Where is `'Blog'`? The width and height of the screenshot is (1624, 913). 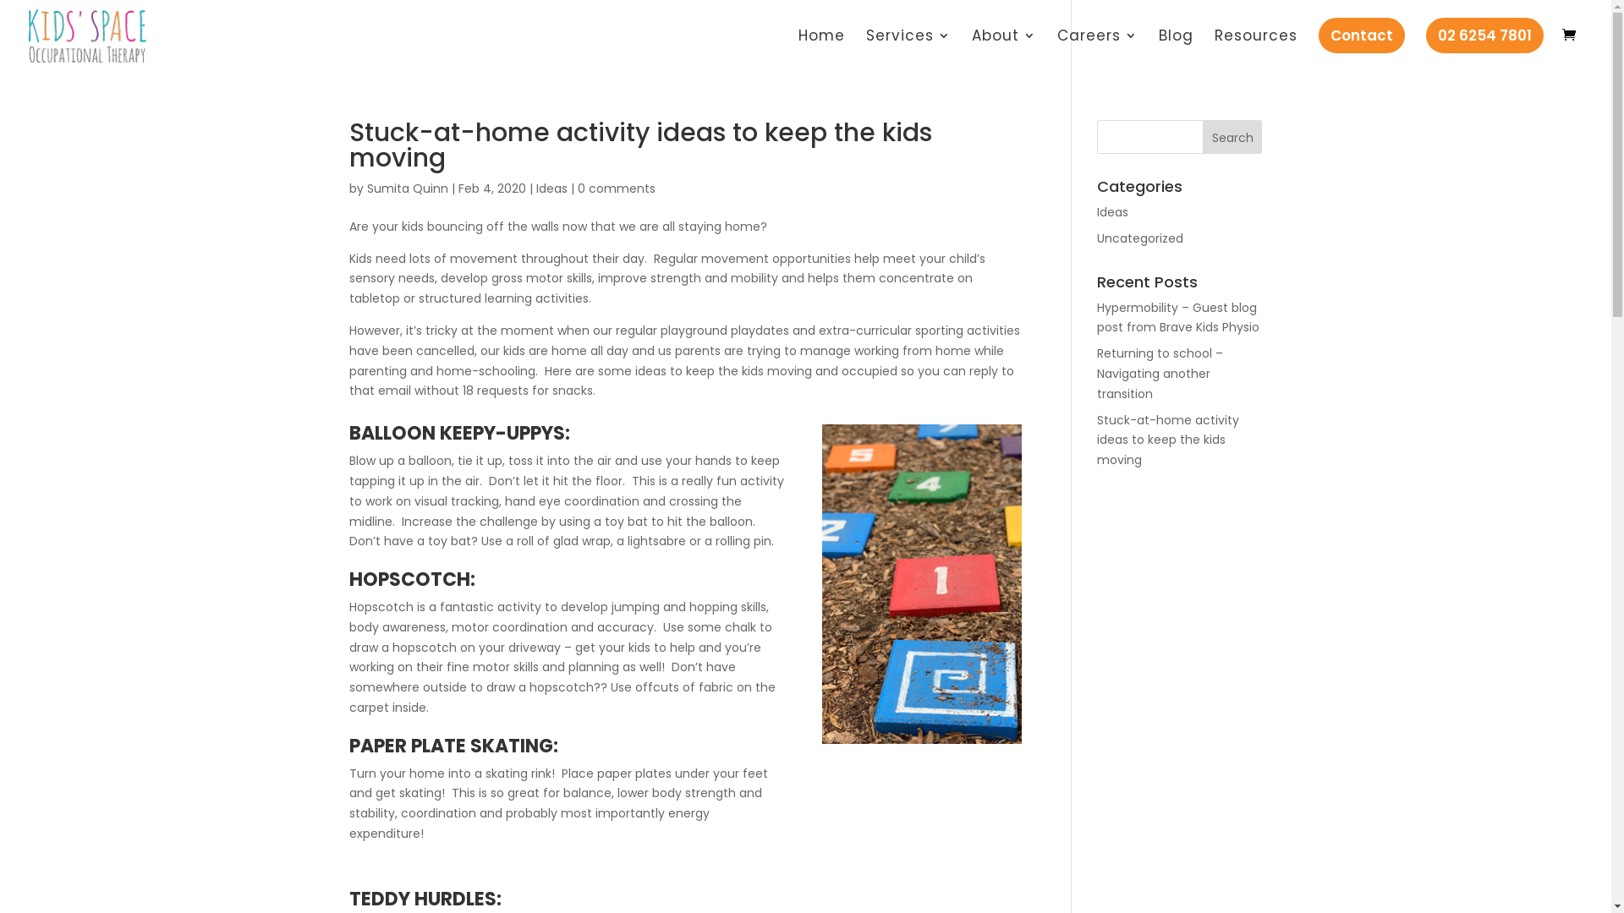
'Blog' is located at coordinates (1157, 48).